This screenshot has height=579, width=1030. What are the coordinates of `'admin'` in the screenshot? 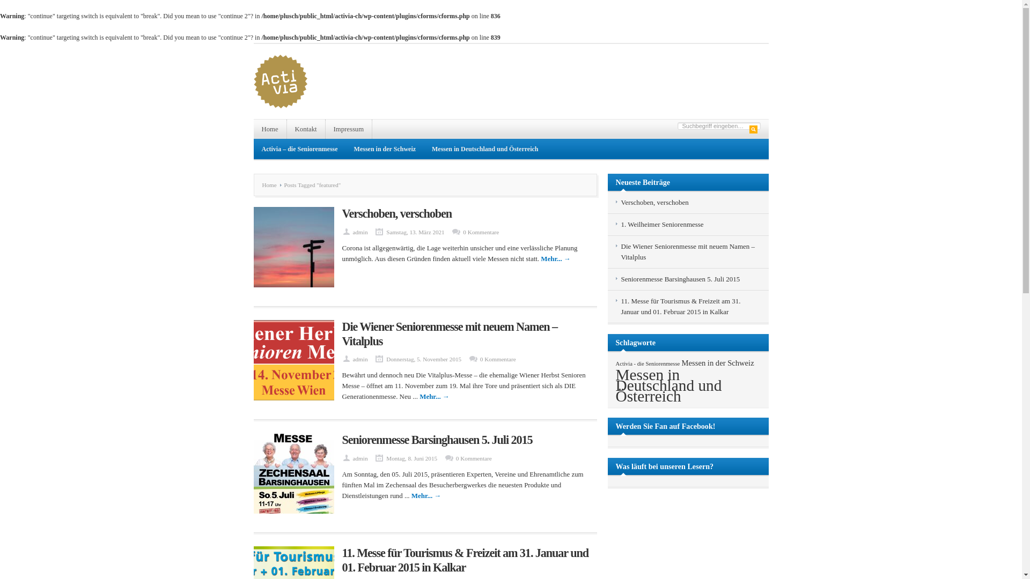 It's located at (352, 231).